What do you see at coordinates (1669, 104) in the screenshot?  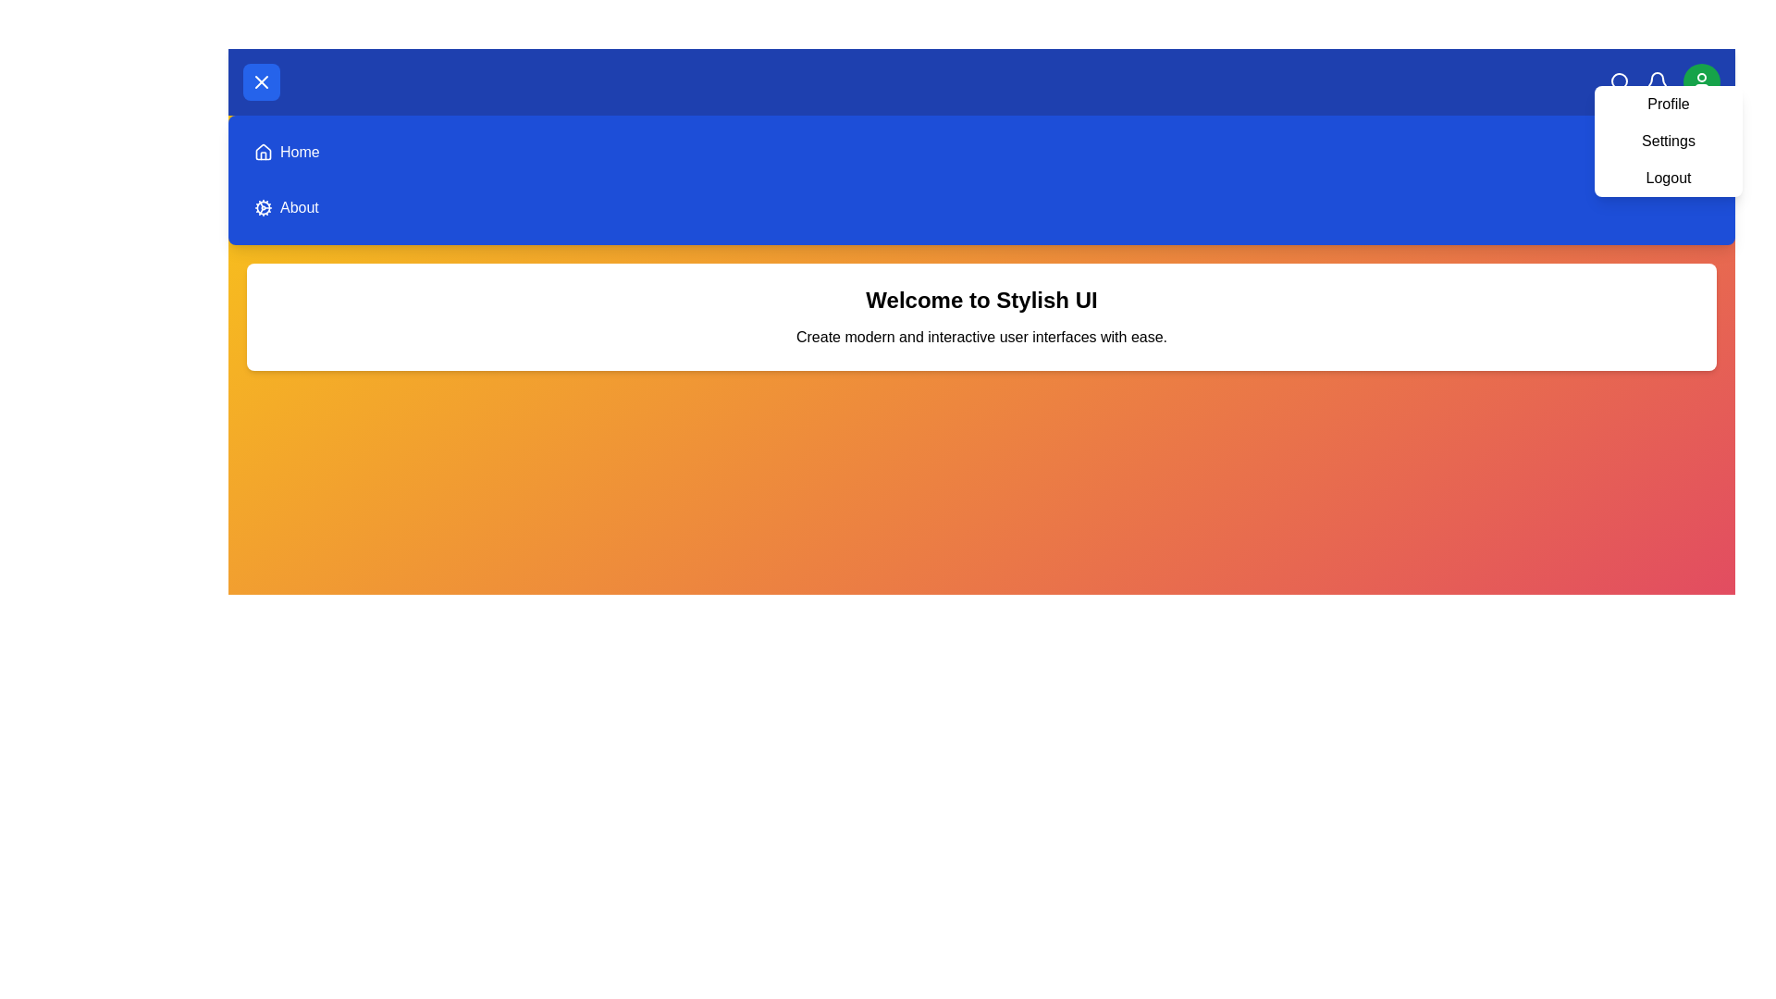 I see `the Profile from the profile dropdown menu` at bounding box center [1669, 104].